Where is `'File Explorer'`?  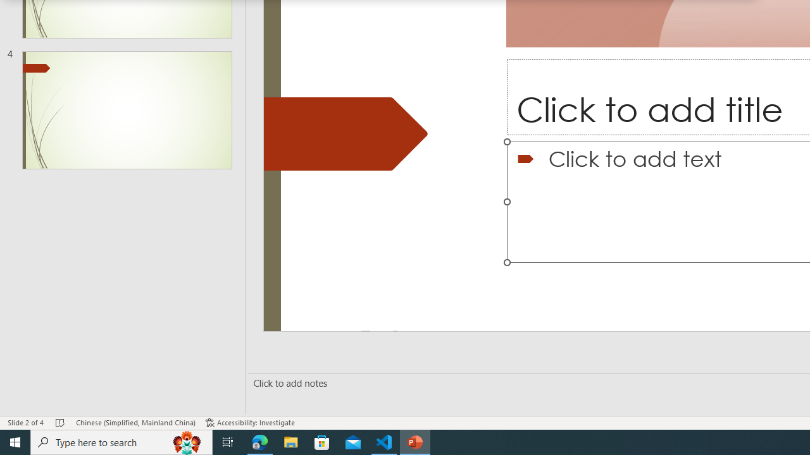
'File Explorer' is located at coordinates (290, 441).